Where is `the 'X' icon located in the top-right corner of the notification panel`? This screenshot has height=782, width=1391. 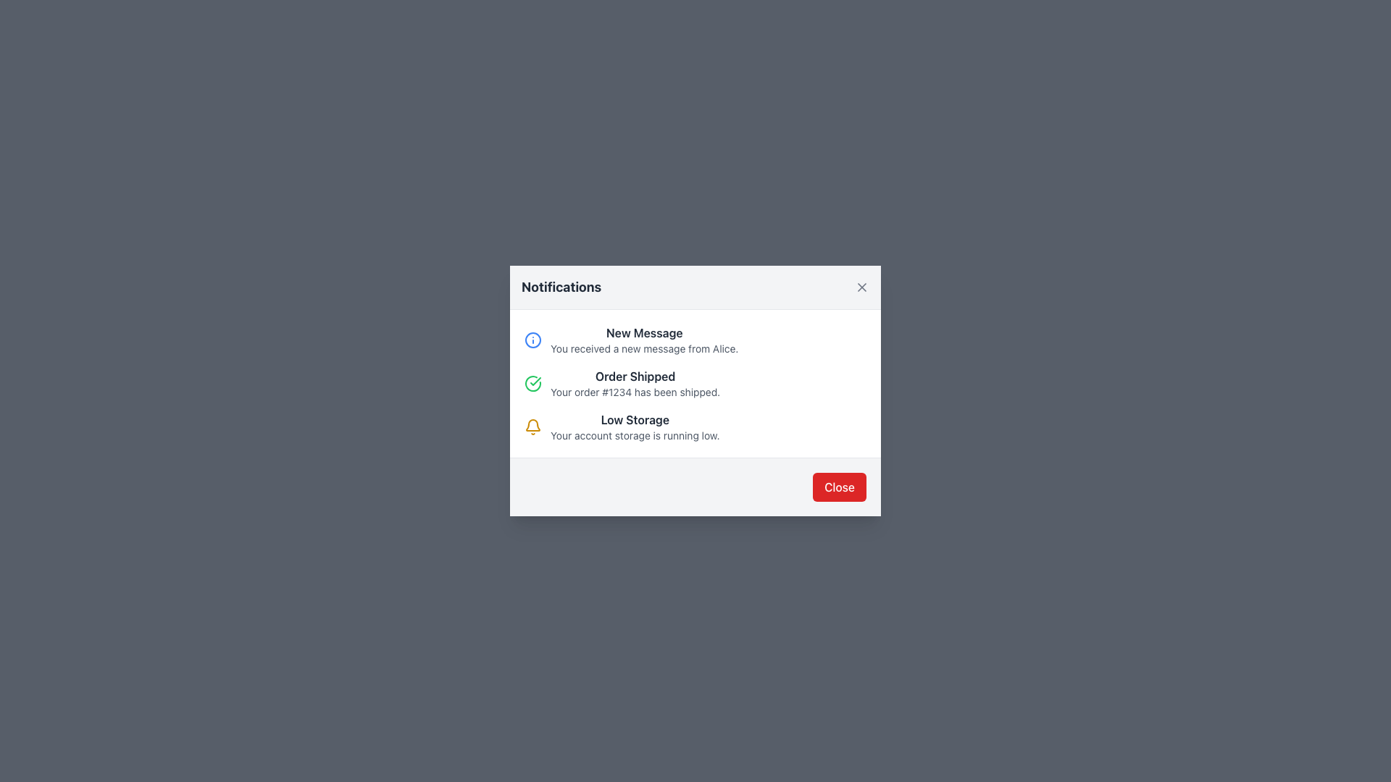
the 'X' icon located in the top-right corner of the notification panel is located at coordinates (862, 287).